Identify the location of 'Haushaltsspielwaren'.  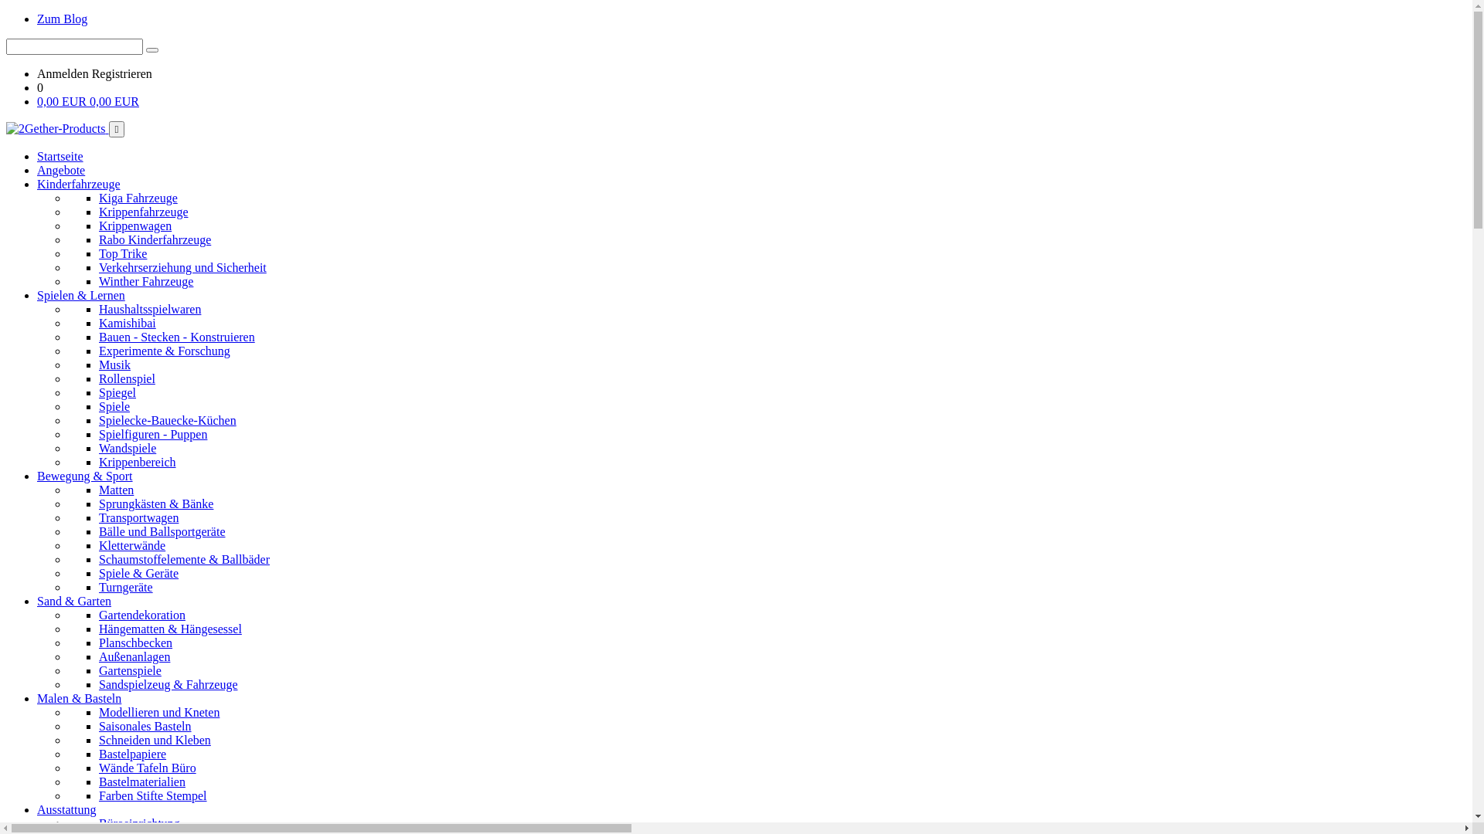
(149, 309).